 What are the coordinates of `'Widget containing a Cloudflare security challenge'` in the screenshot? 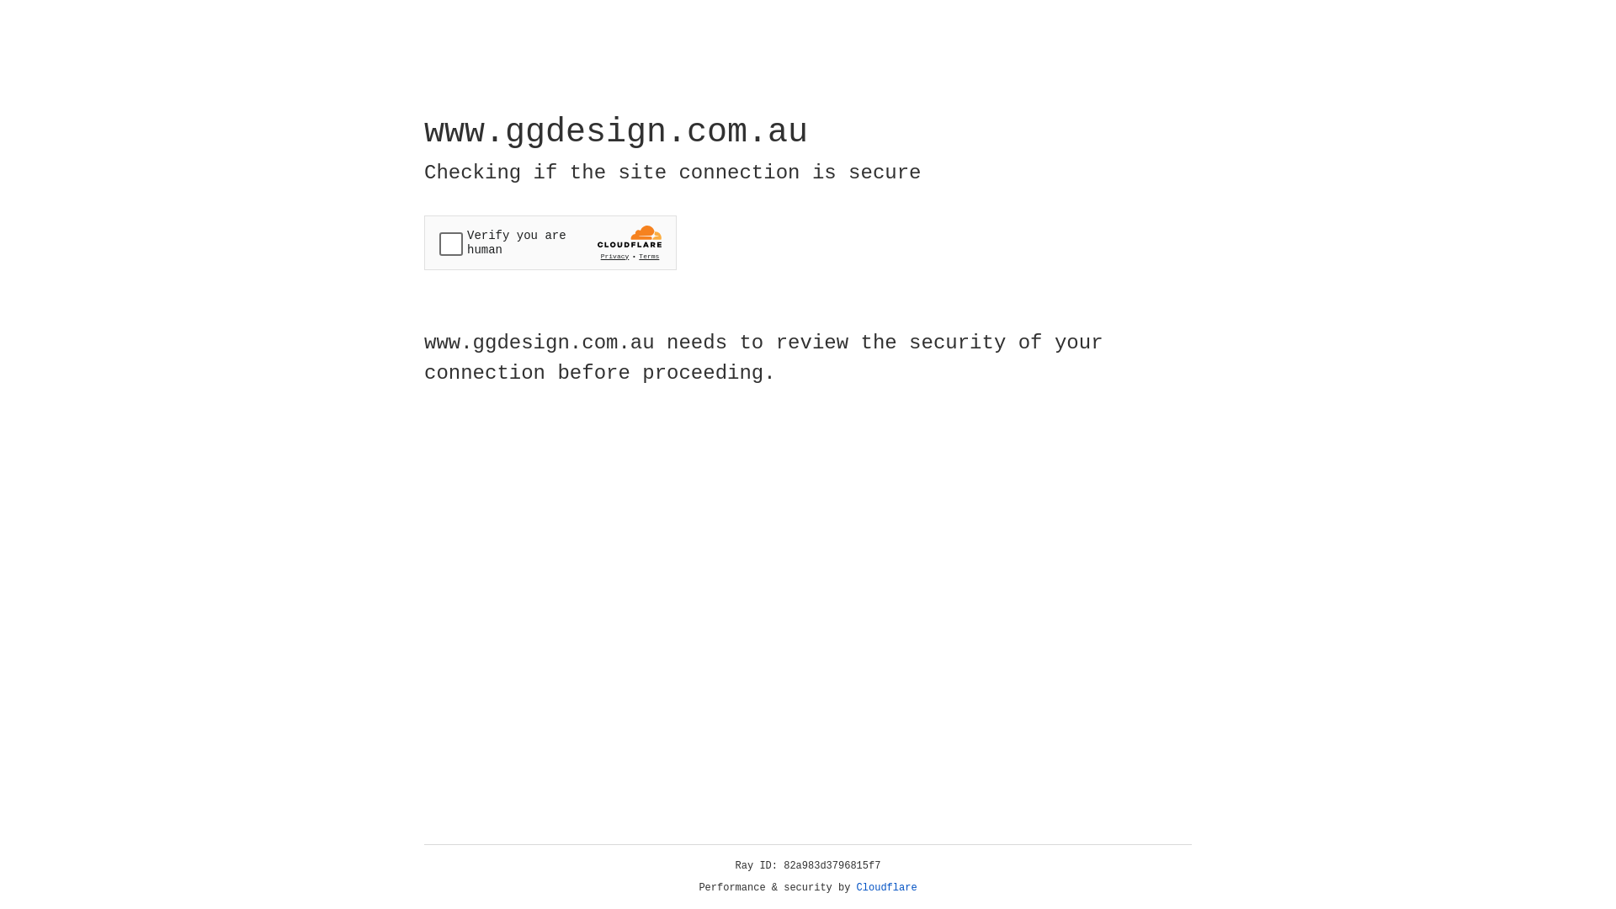 It's located at (550, 242).